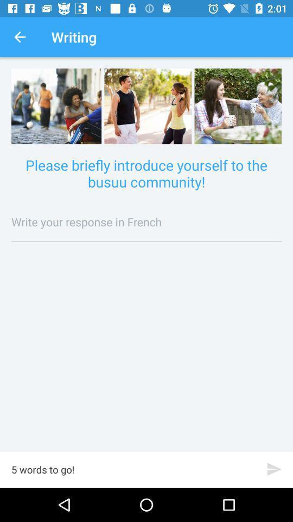 This screenshot has width=293, height=522. What do you see at coordinates (146, 221) in the screenshot?
I see `tap to write your response in french` at bounding box center [146, 221].